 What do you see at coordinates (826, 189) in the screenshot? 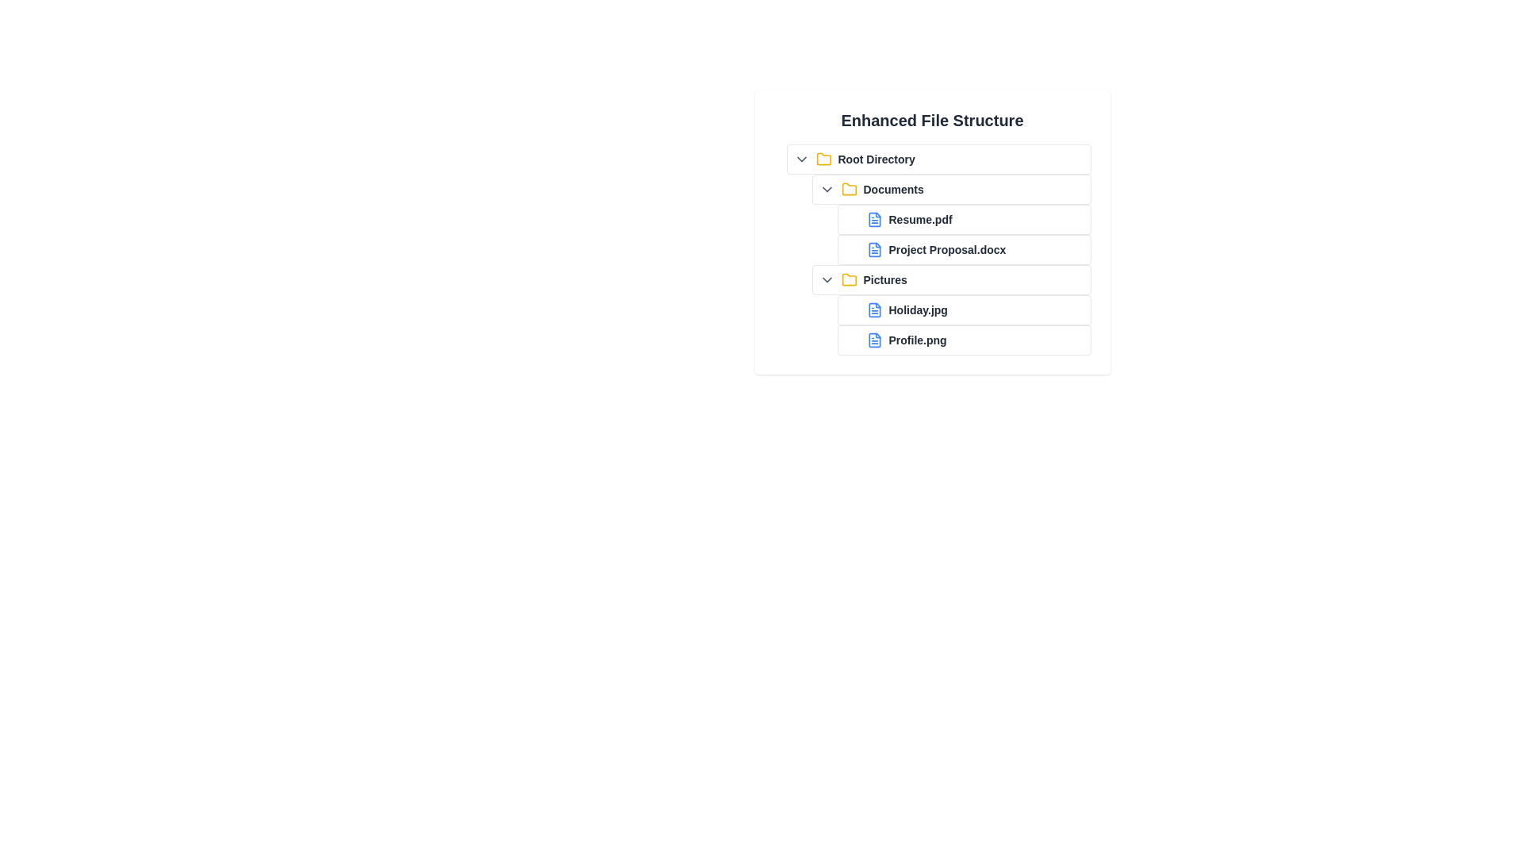
I see `the Chevron Down SVG icon located to the left of the 'Documents' folder icon` at bounding box center [826, 189].